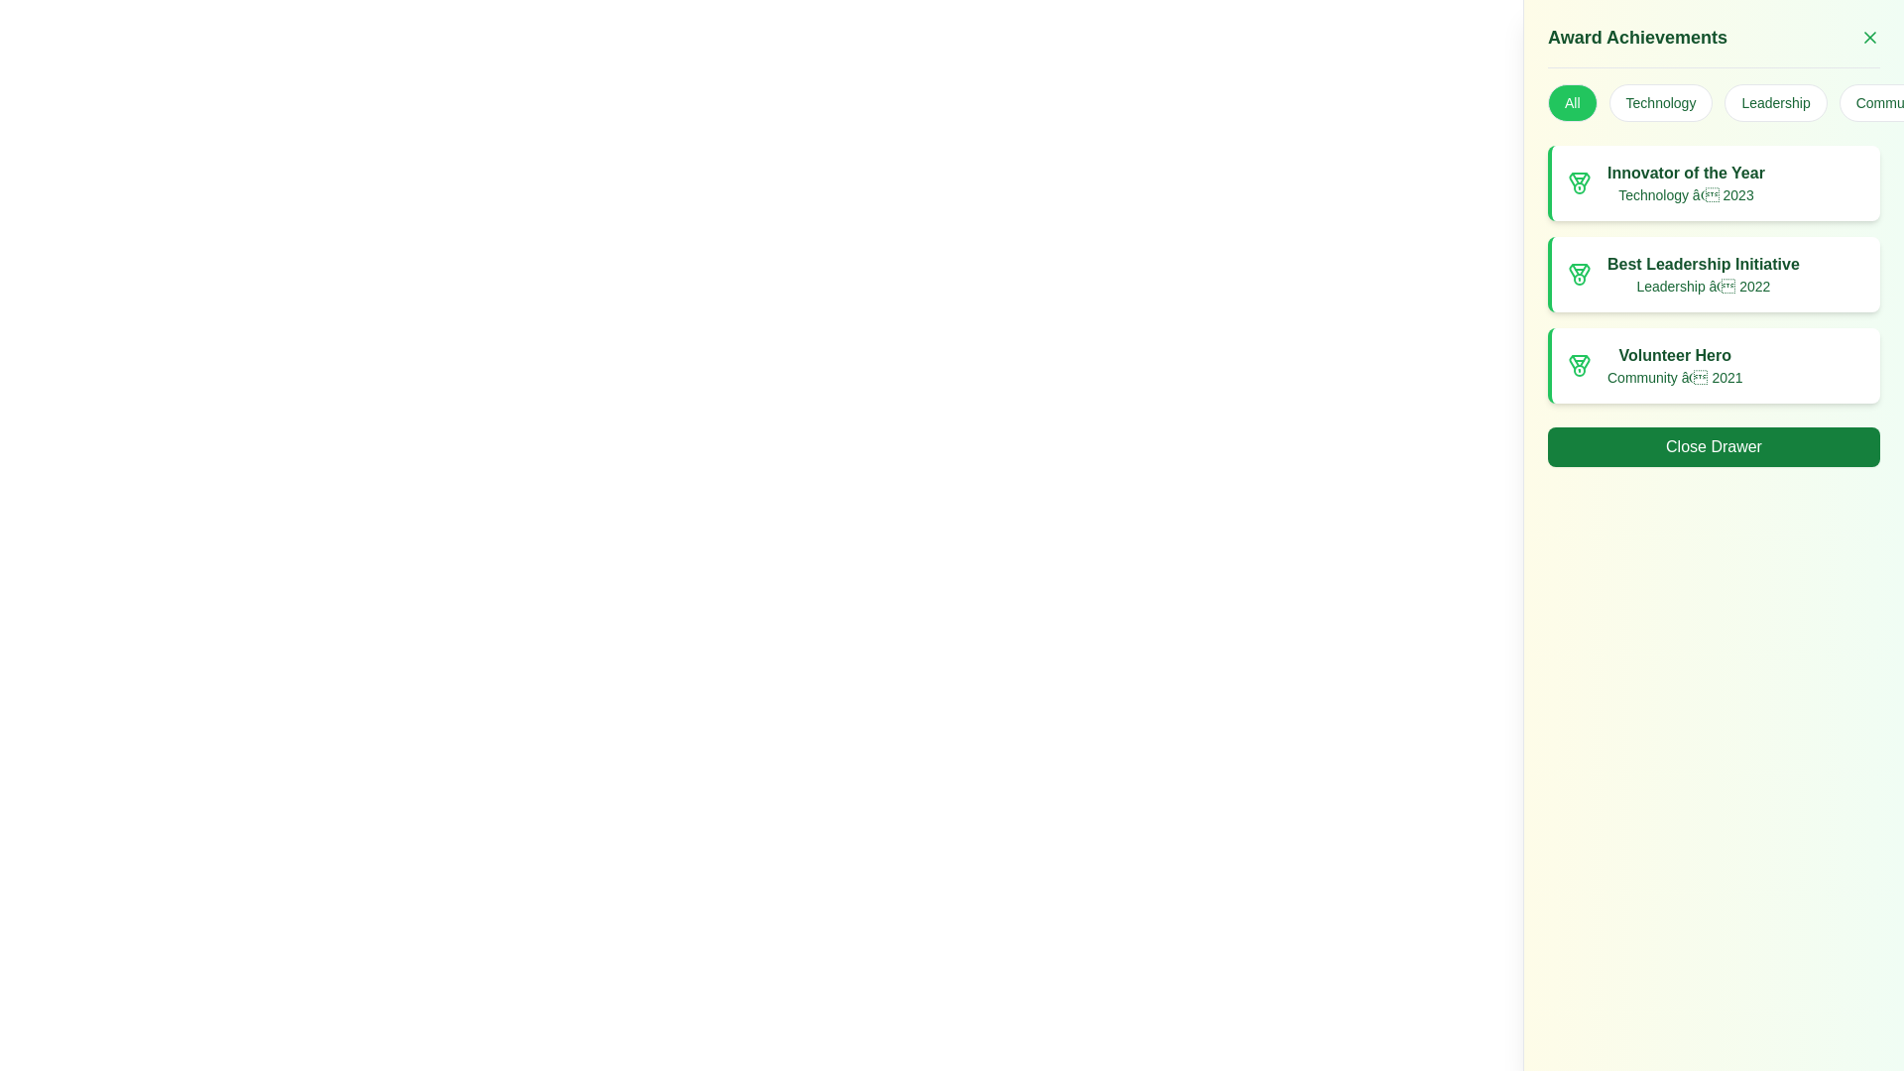 The image size is (1904, 1071). What do you see at coordinates (1869, 38) in the screenshot?
I see `the small square button with a red border and a green 'X' icon located at the top right corner of the 'Award Achievements' section` at bounding box center [1869, 38].